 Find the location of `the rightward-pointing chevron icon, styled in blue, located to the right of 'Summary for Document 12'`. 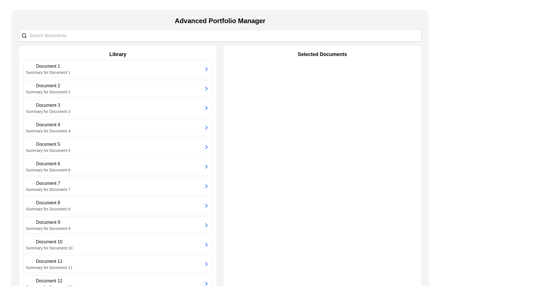

the rightward-pointing chevron icon, styled in blue, located to the right of 'Summary for Document 12' is located at coordinates (206, 284).